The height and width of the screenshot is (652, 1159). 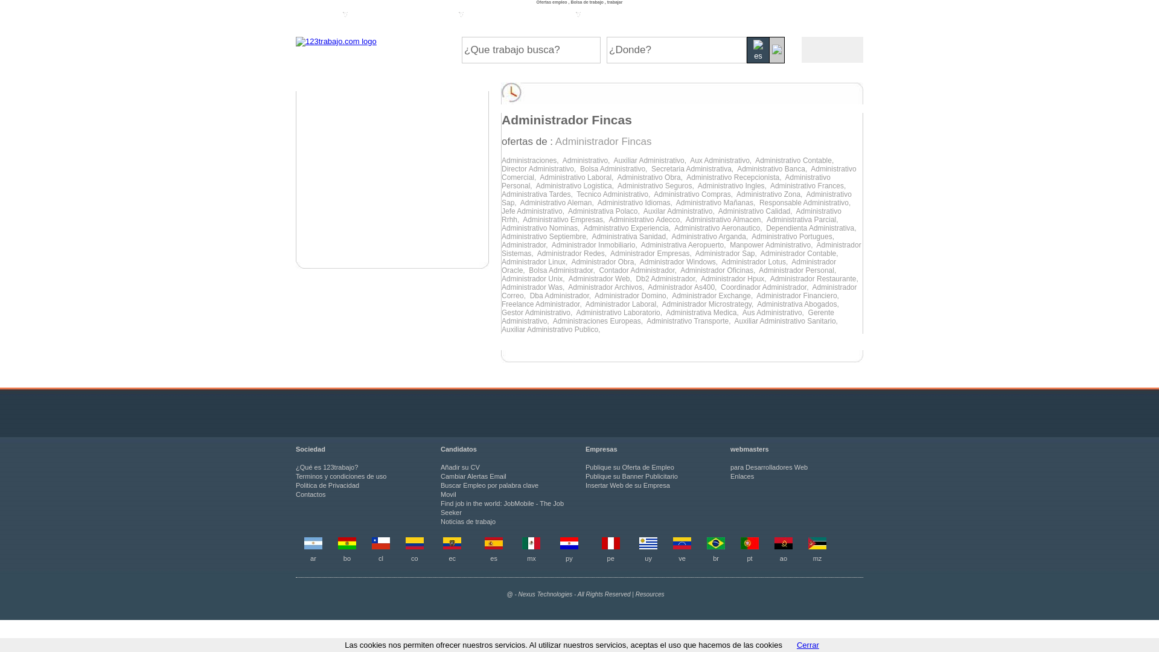 What do you see at coordinates (714, 295) in the screenshot?
I see `'Administrador Exchange, '` at bounding box center [714, 295].